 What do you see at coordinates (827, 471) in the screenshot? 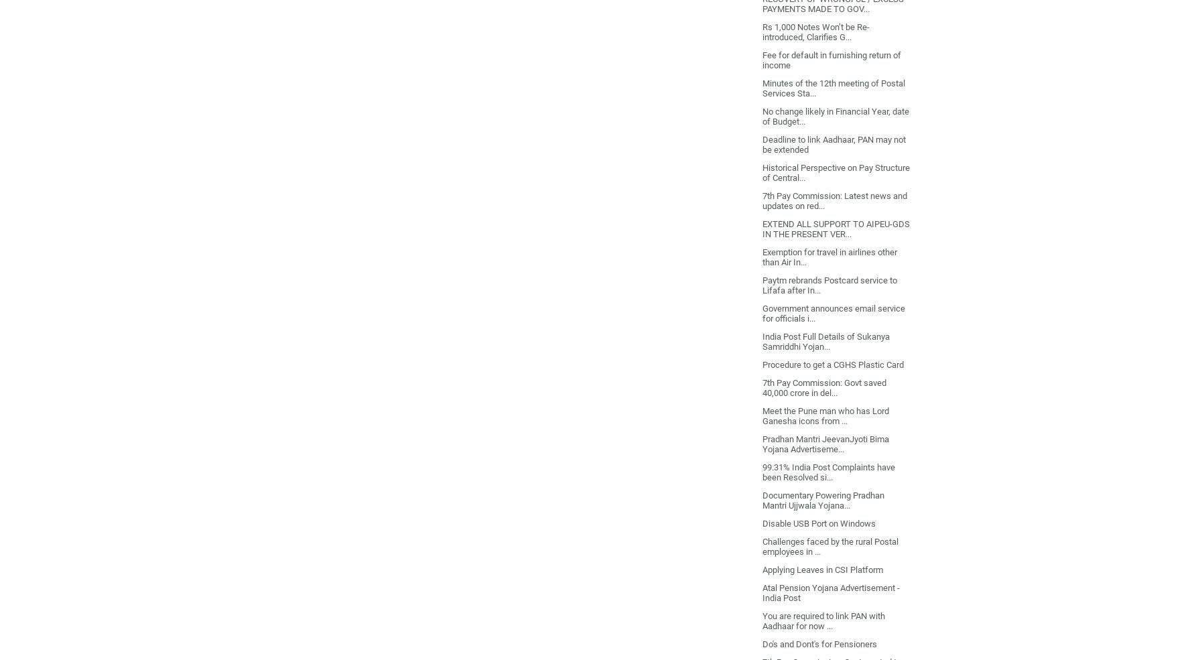
I see `'99.31% India Post Complaints have been Resolved si...'` at bounding box center [827, 471].